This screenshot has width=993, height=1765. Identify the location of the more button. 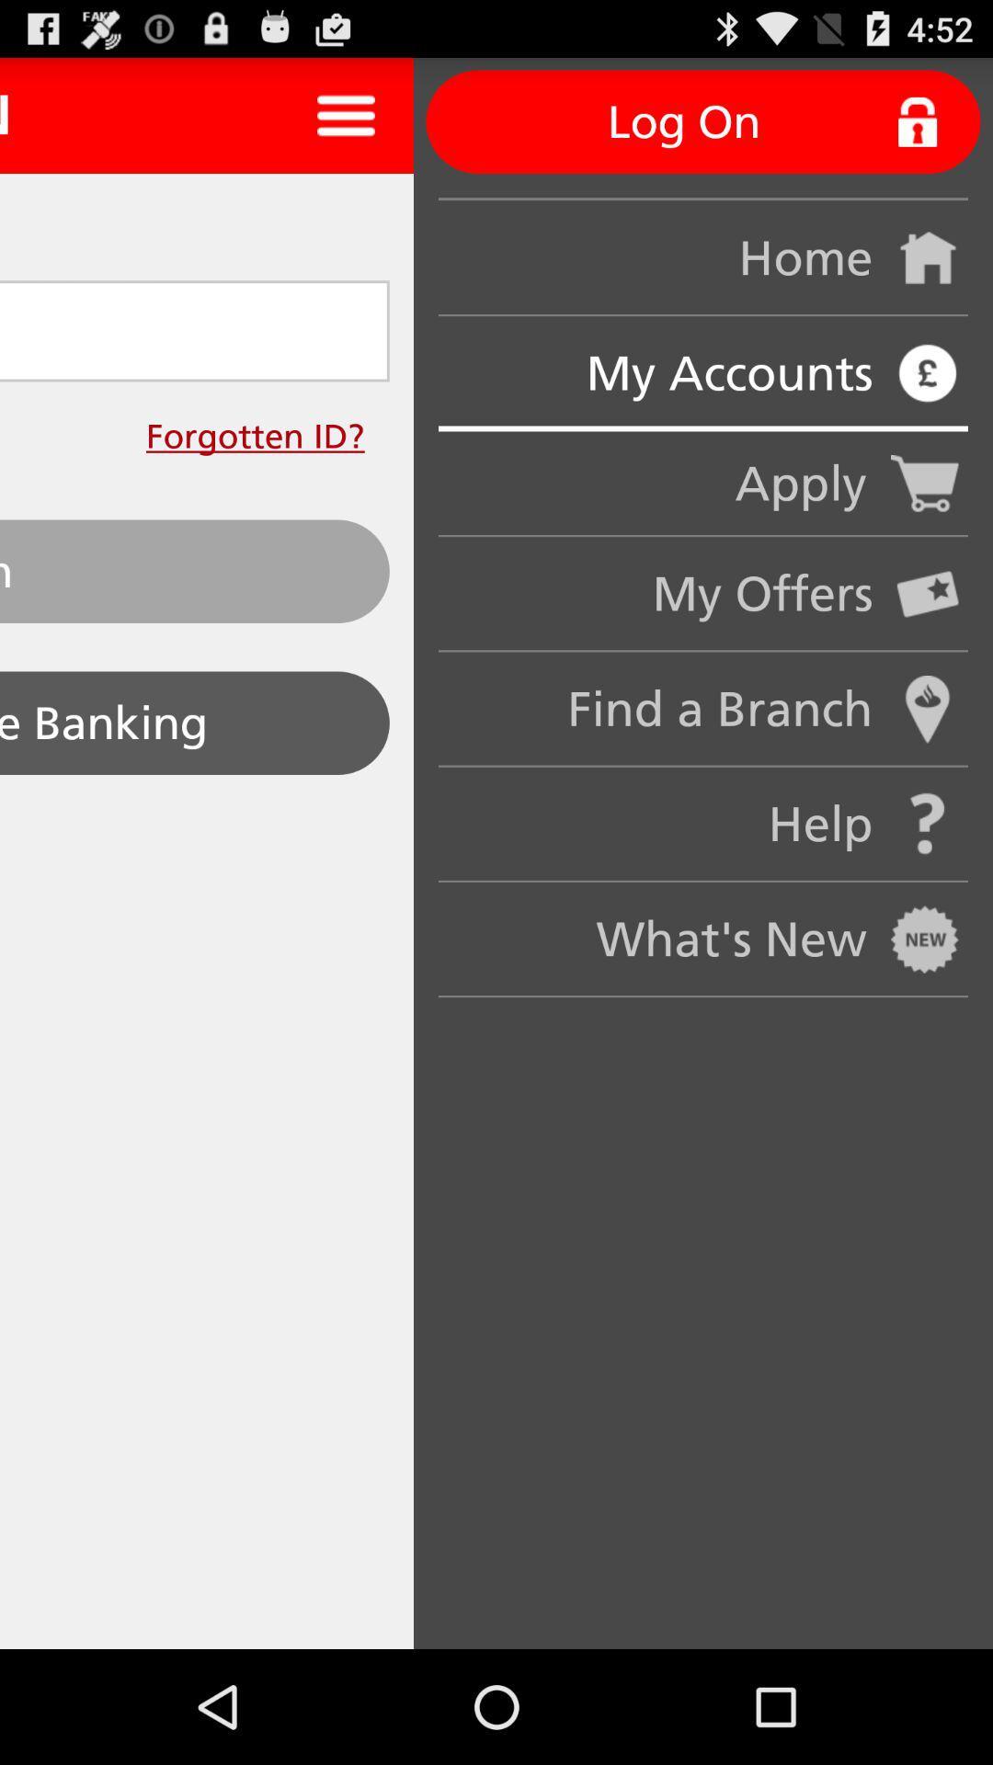
(346, 114).